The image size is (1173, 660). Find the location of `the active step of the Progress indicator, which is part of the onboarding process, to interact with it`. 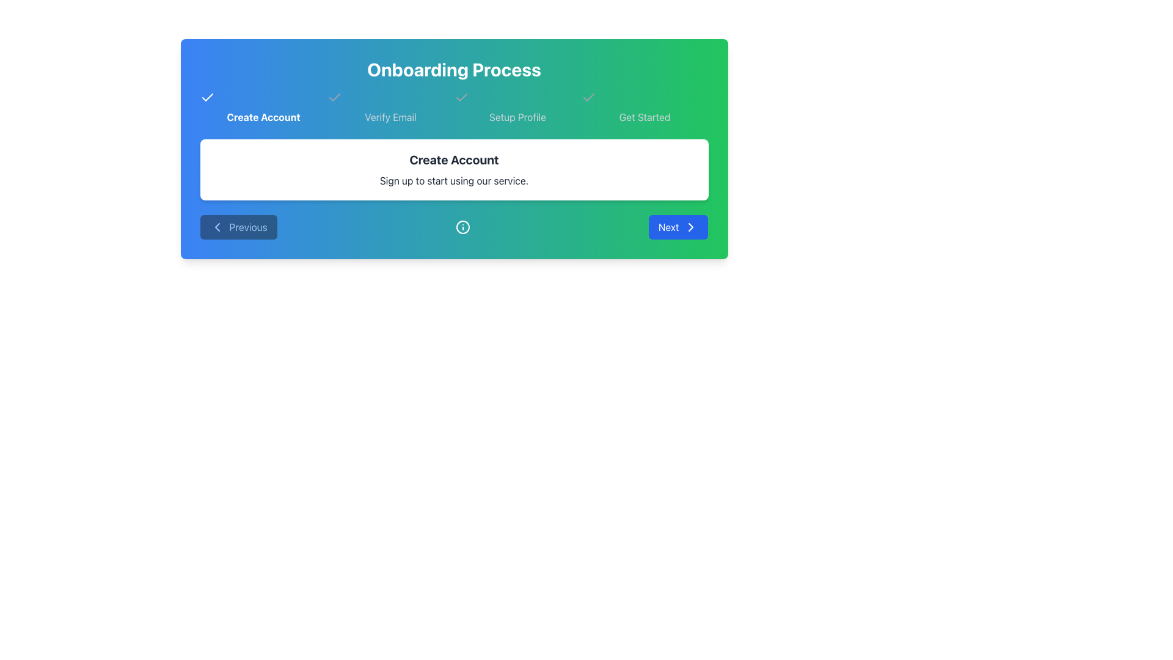

the active step of the Progress indicator, which is part of the onboarding process, to interact with it is located at coordinates (453, 107).